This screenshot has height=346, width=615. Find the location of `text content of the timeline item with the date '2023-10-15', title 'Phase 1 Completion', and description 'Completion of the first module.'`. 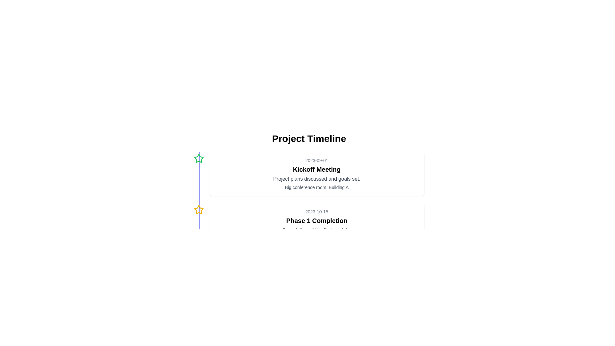

text content of the timeline item with the date '2023-10-15', title 'Phase 1 Completion', and description 'Completion of the first module.' is located at coordinates (309, 225).